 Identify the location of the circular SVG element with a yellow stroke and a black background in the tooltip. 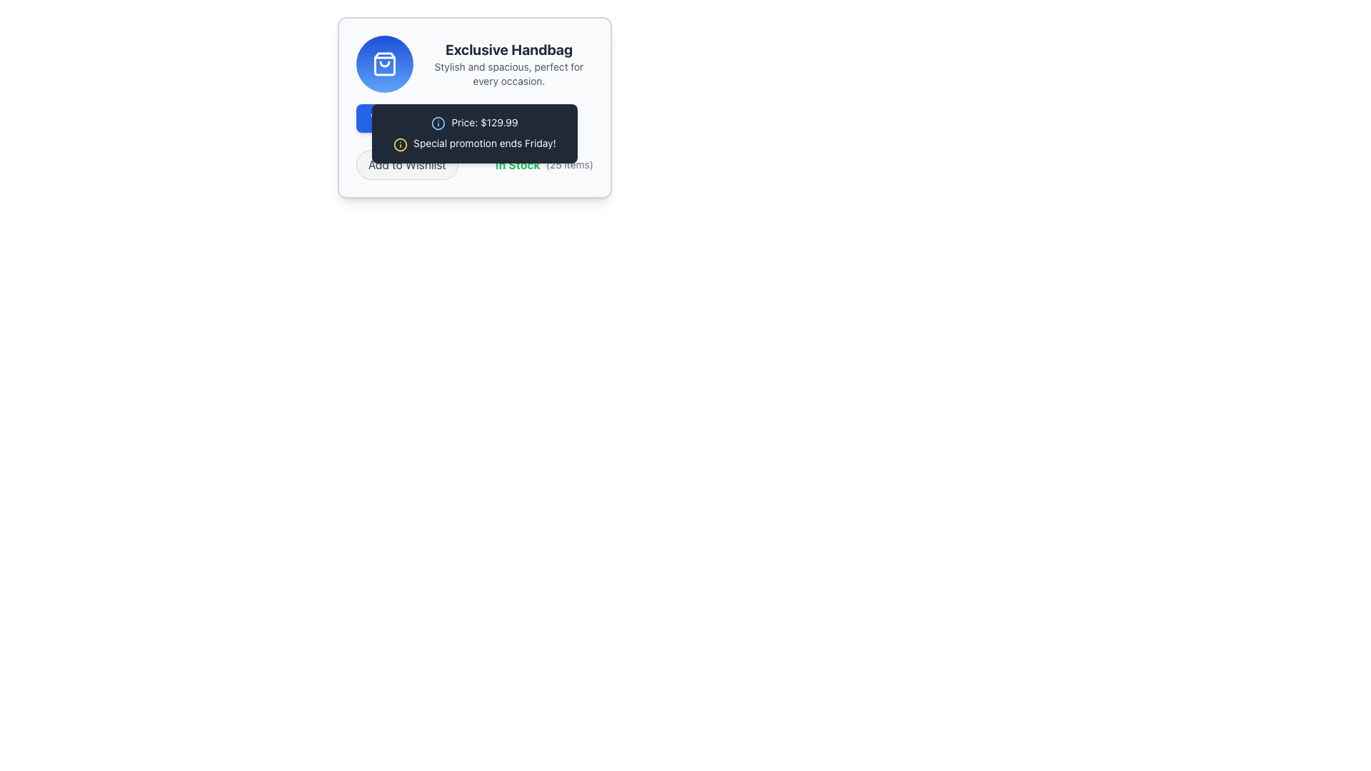
(400, 144).